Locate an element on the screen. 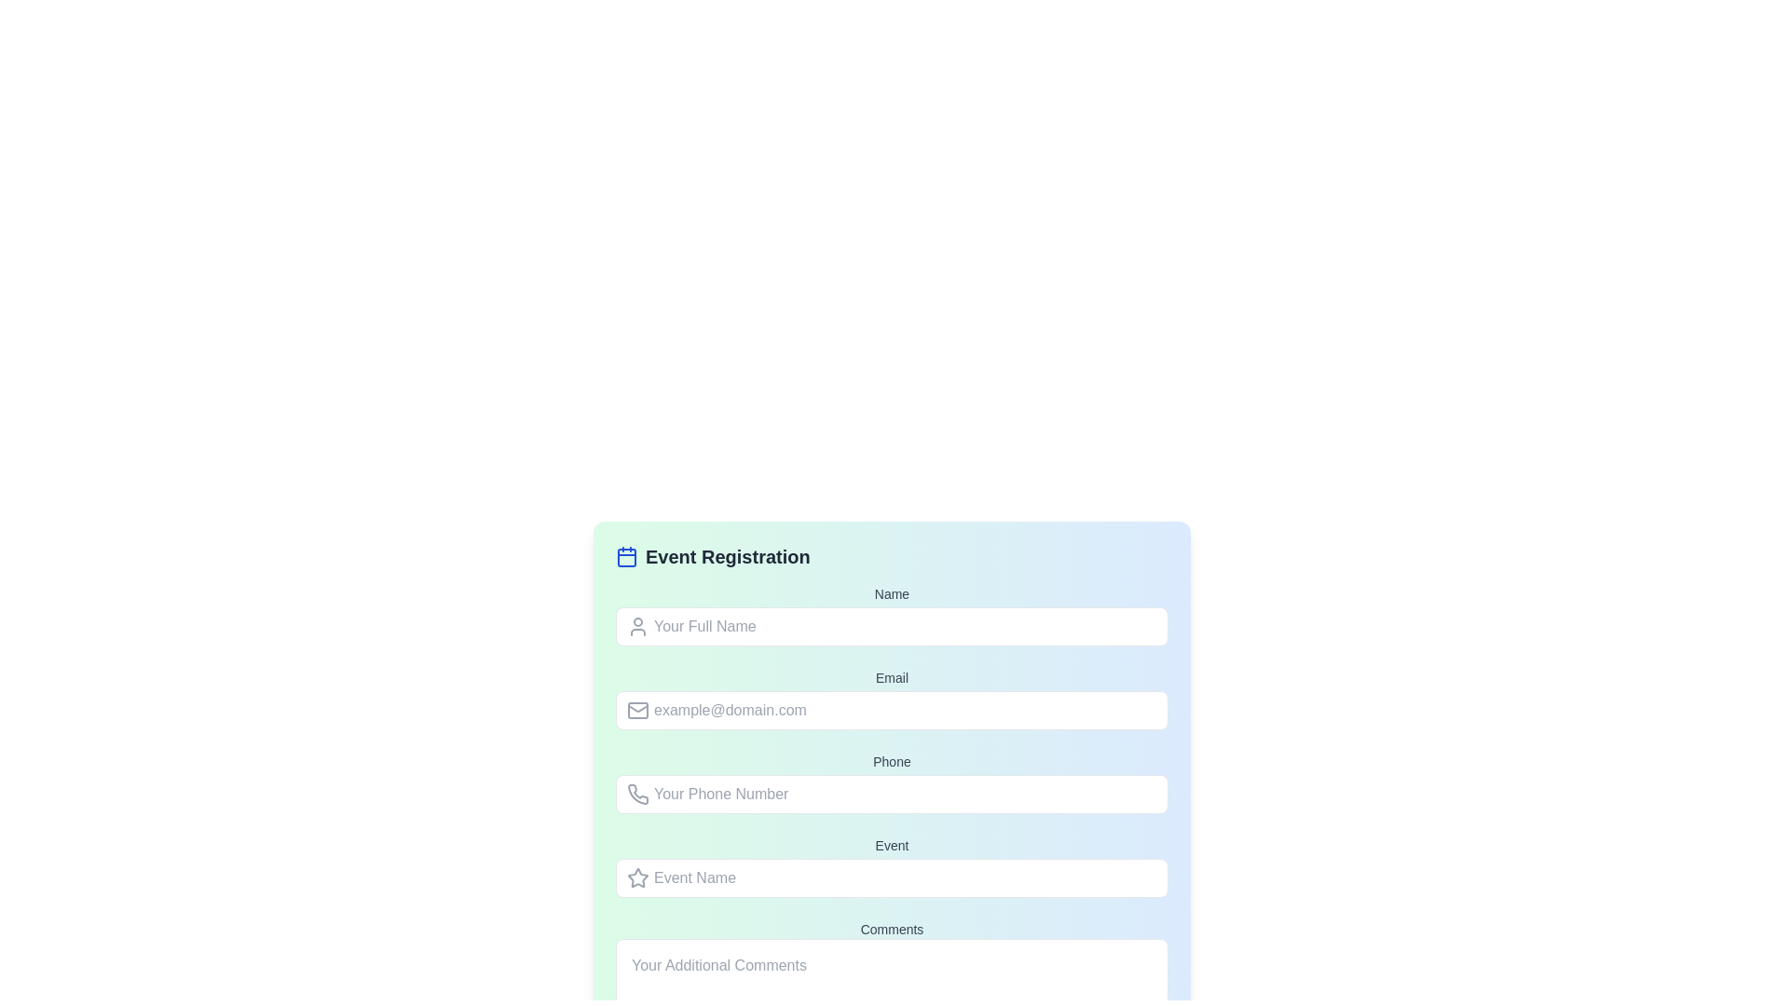 This screenshot has width=1789, height=1006. the phone icon located to the left of the 'Your Phone Number' text entry box, which serves as a visual indicator for entering a phone number is located at coordinates (638, 794).